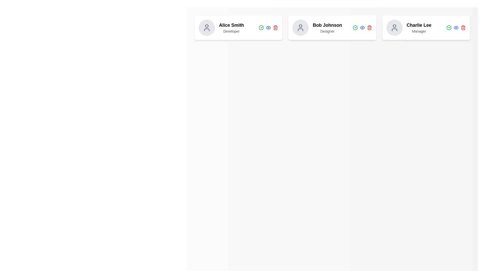 The height and width of the screenshot is (275, 489). What do you see at coordinates (275, 28) in the screenshot?
I see `the delete action button icon located beneath 'Alice Smith' in the first user card` at bounding box center [275, 28].